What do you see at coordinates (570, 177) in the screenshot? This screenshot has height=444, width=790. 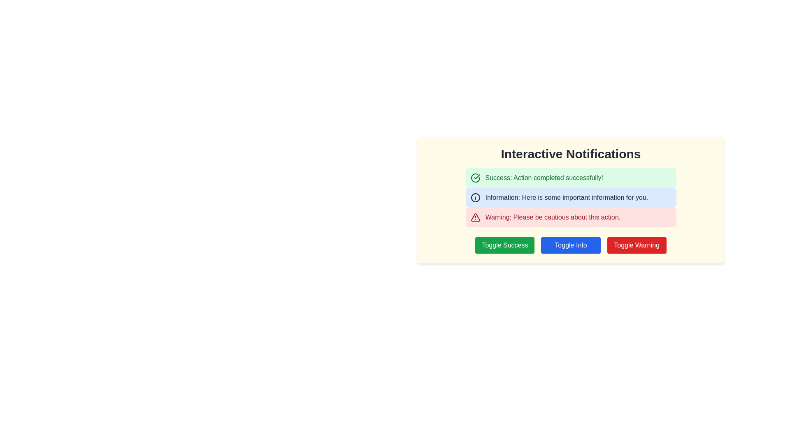 I see `the first notification box positioned under the title 'Interactive Notifications'` at bounding box center [570, 177].